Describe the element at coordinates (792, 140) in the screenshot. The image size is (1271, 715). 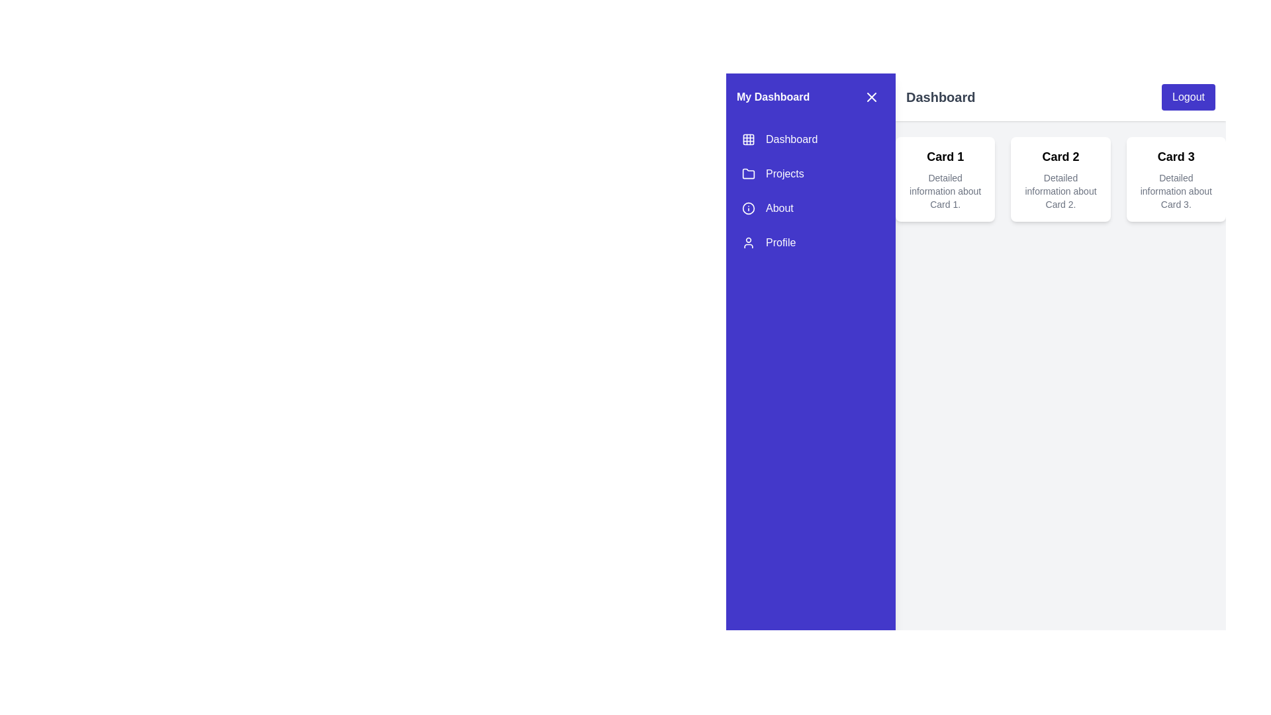
I see `text of the 'Dashboard' menu item label in the sidebar navigation, located beneath the heading 'My Dashboard'` at that location.